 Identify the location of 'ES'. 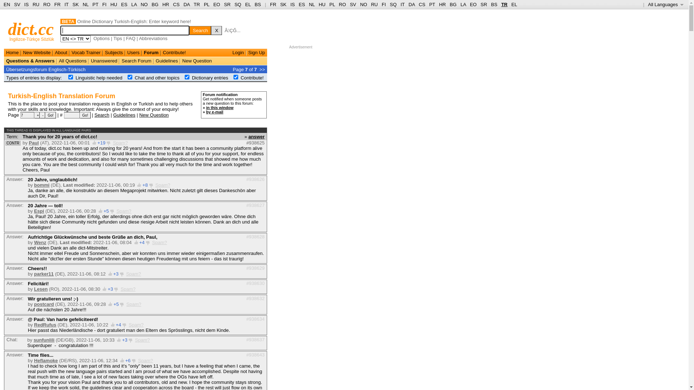
(121, 4).